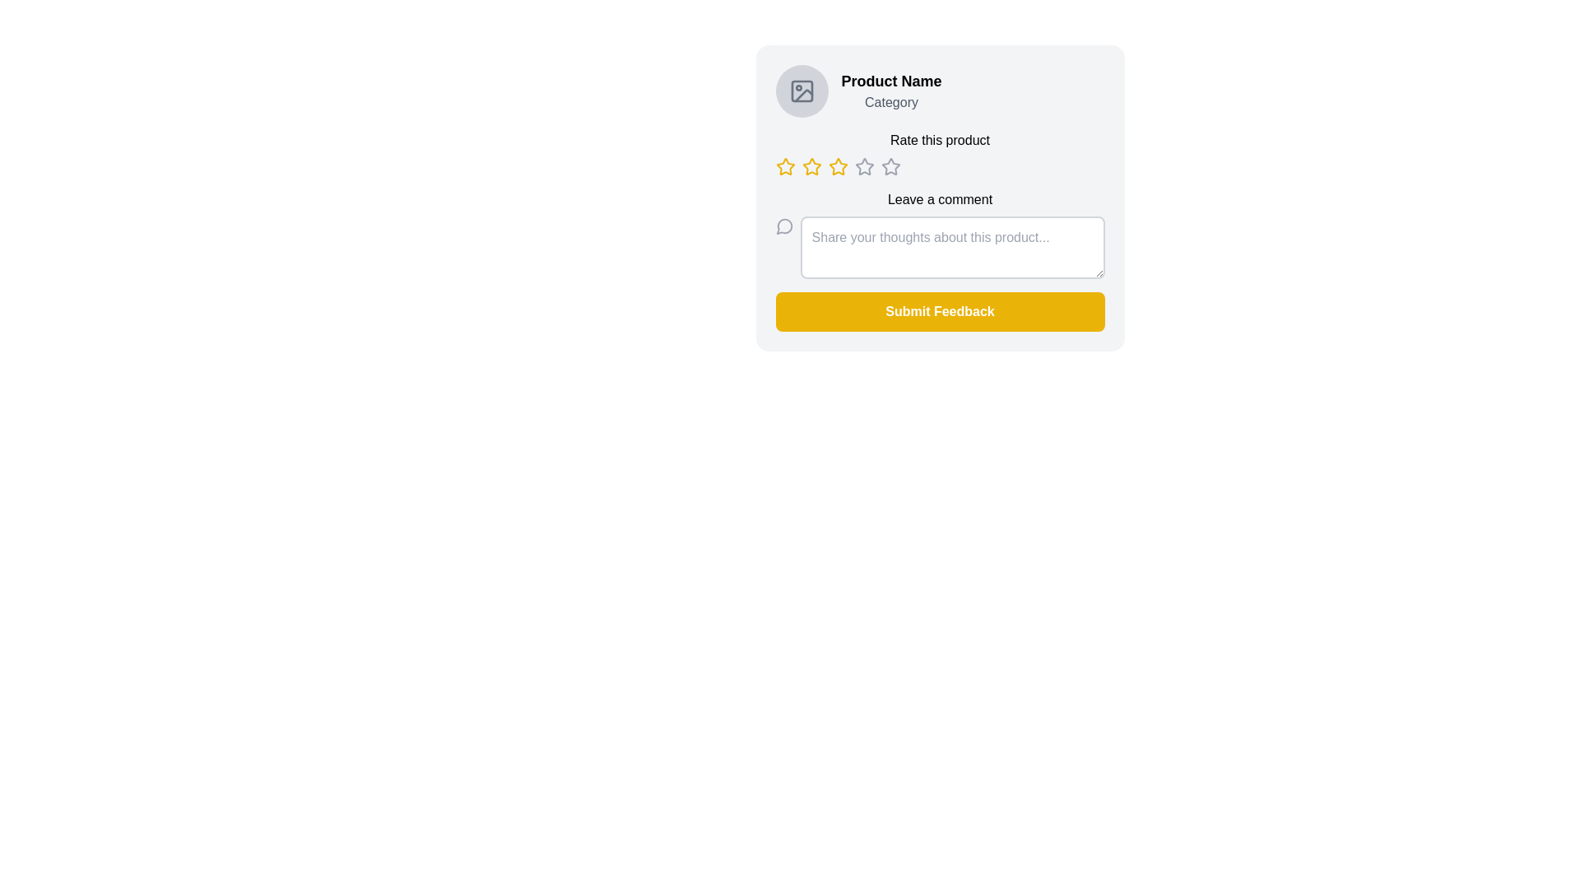  Describe the element at coordinates (802, 91) in the screenshot. I see `the icon indicating an image or placeholder located in a circular background at the top-left corner of the card, to the left of the 'Product Name' text` at that location.